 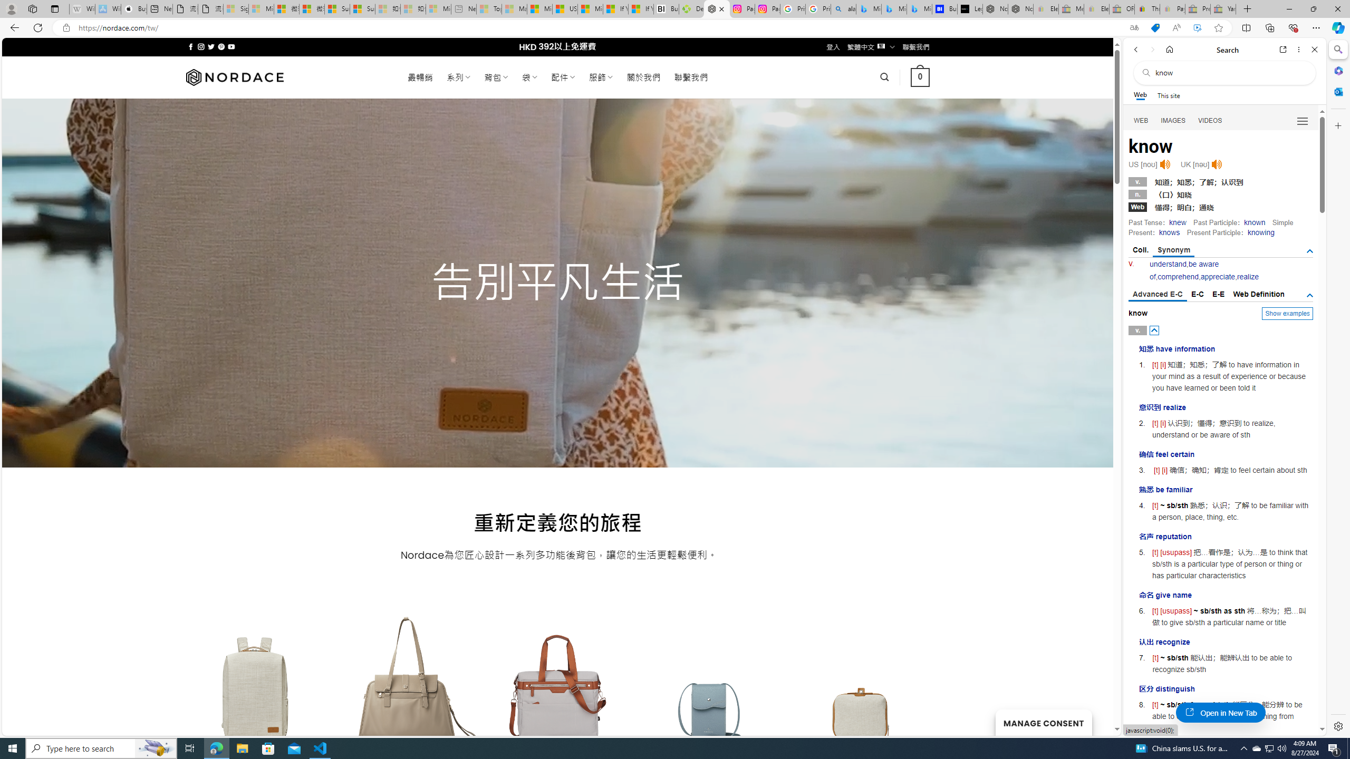 What do you see at coordinates (1043, 722) in the screenshot?
I see `'MANAGE CONSENT'` at bounding box center [1043, 722].